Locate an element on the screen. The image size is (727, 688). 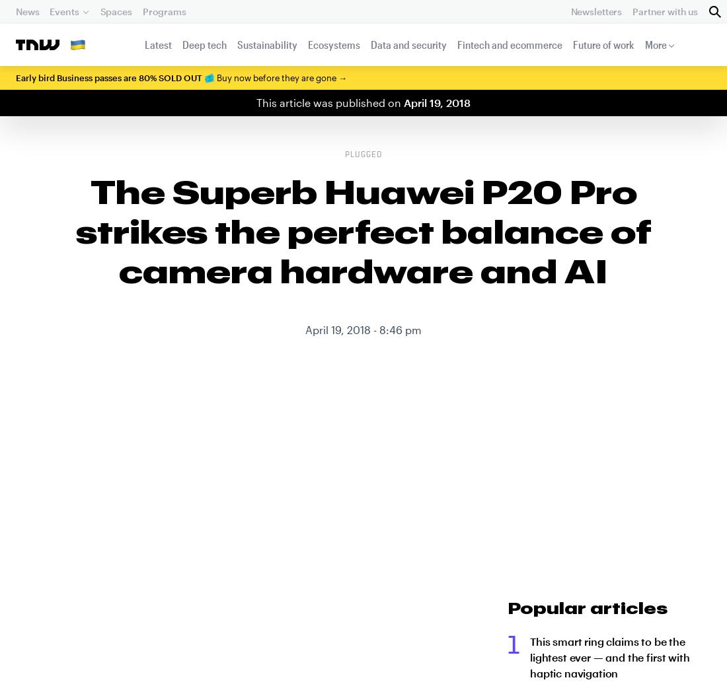
'News' is located at coordinates (26, 11).